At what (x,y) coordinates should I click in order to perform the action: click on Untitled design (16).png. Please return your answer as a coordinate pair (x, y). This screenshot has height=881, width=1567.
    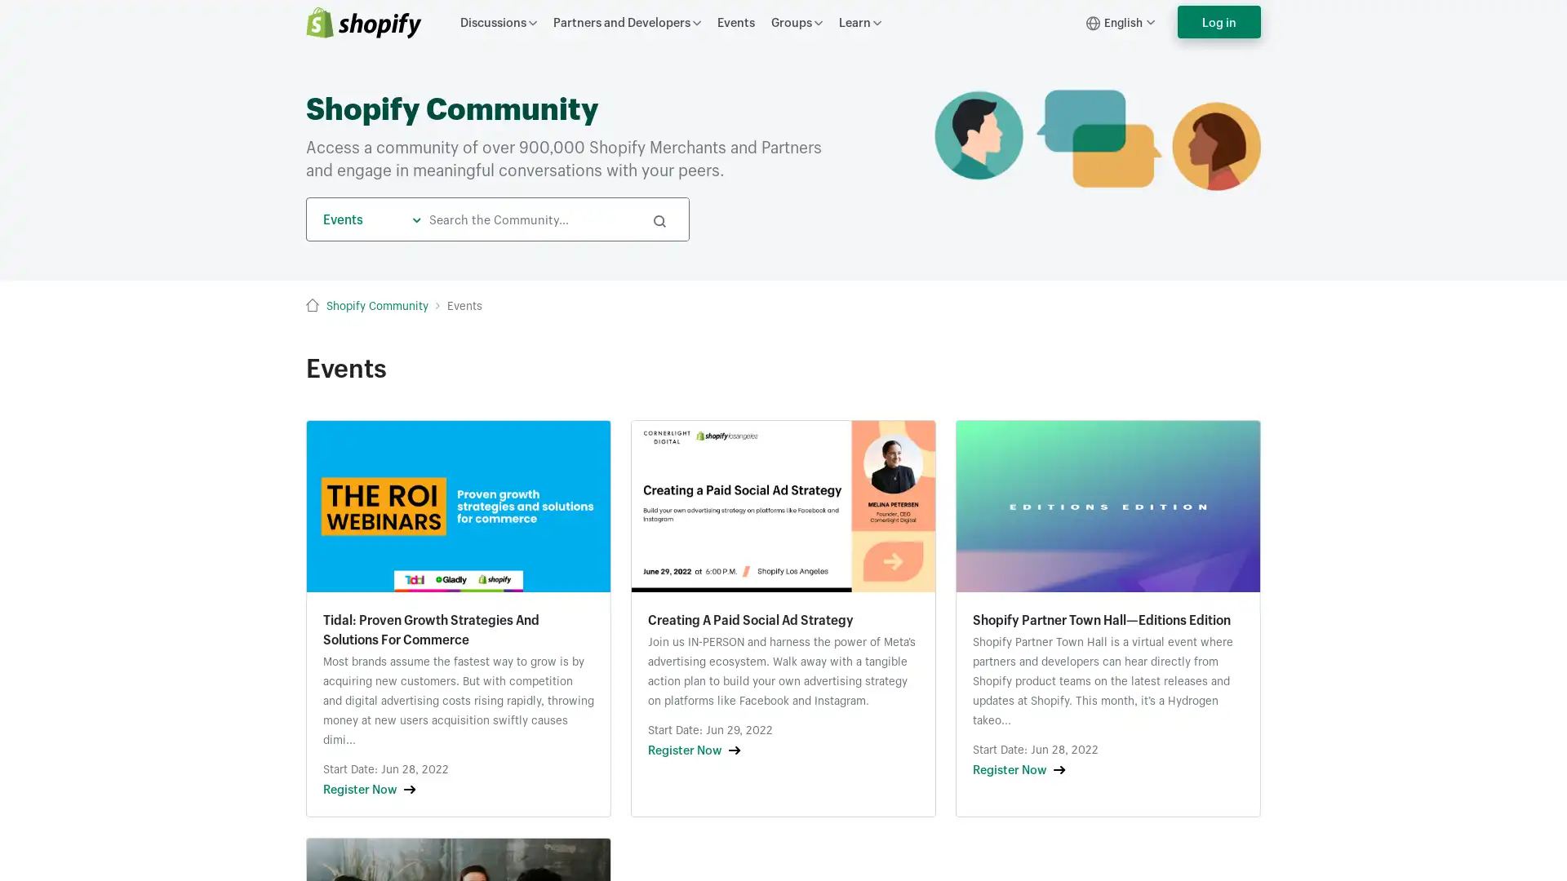
    Looking at the image, I should click on (457, 506).